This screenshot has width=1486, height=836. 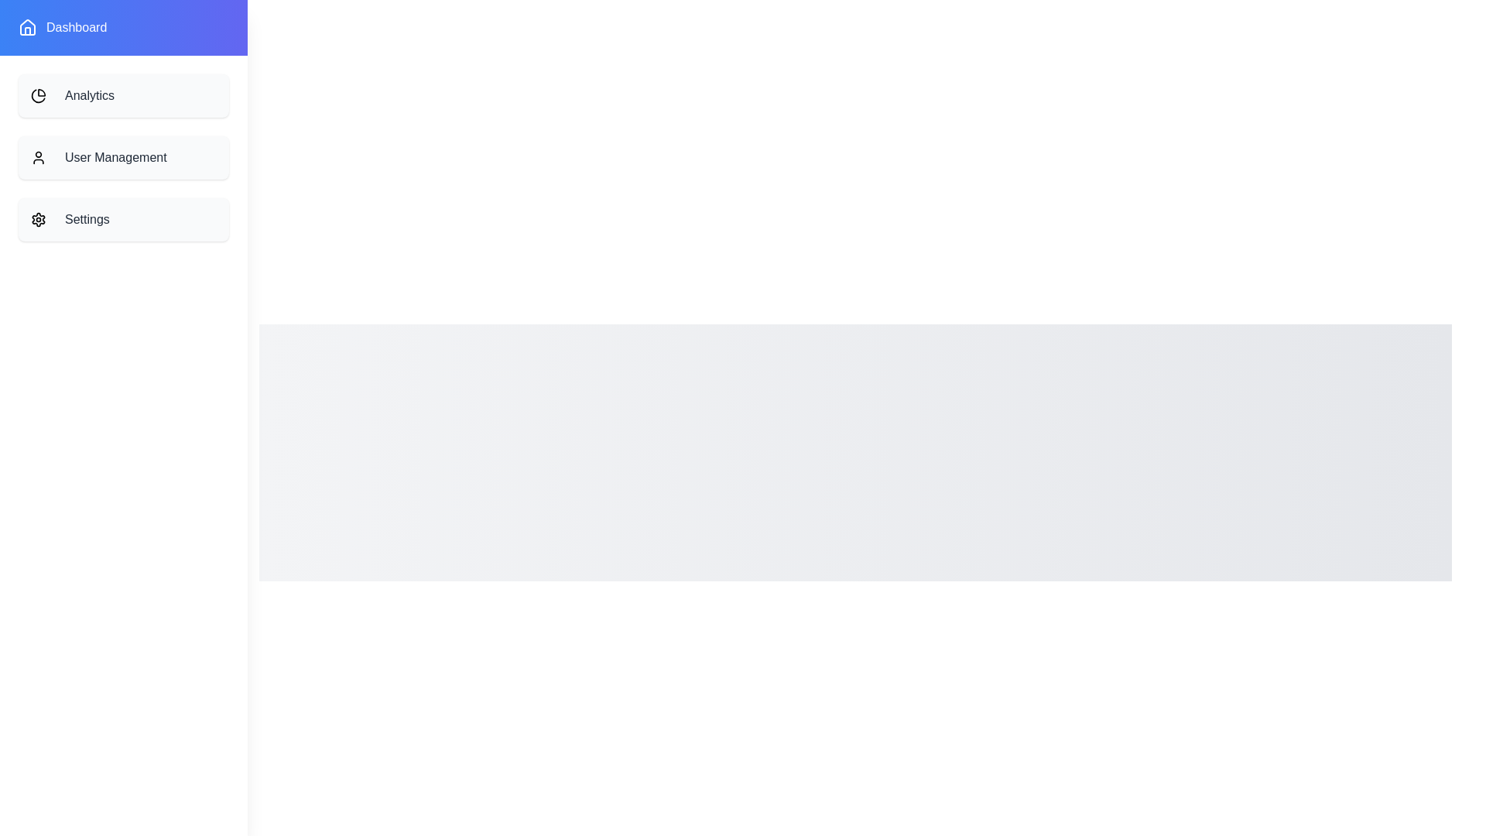 I want to click on the 'Settings' item in the drawer, so click(x=122, y=220).